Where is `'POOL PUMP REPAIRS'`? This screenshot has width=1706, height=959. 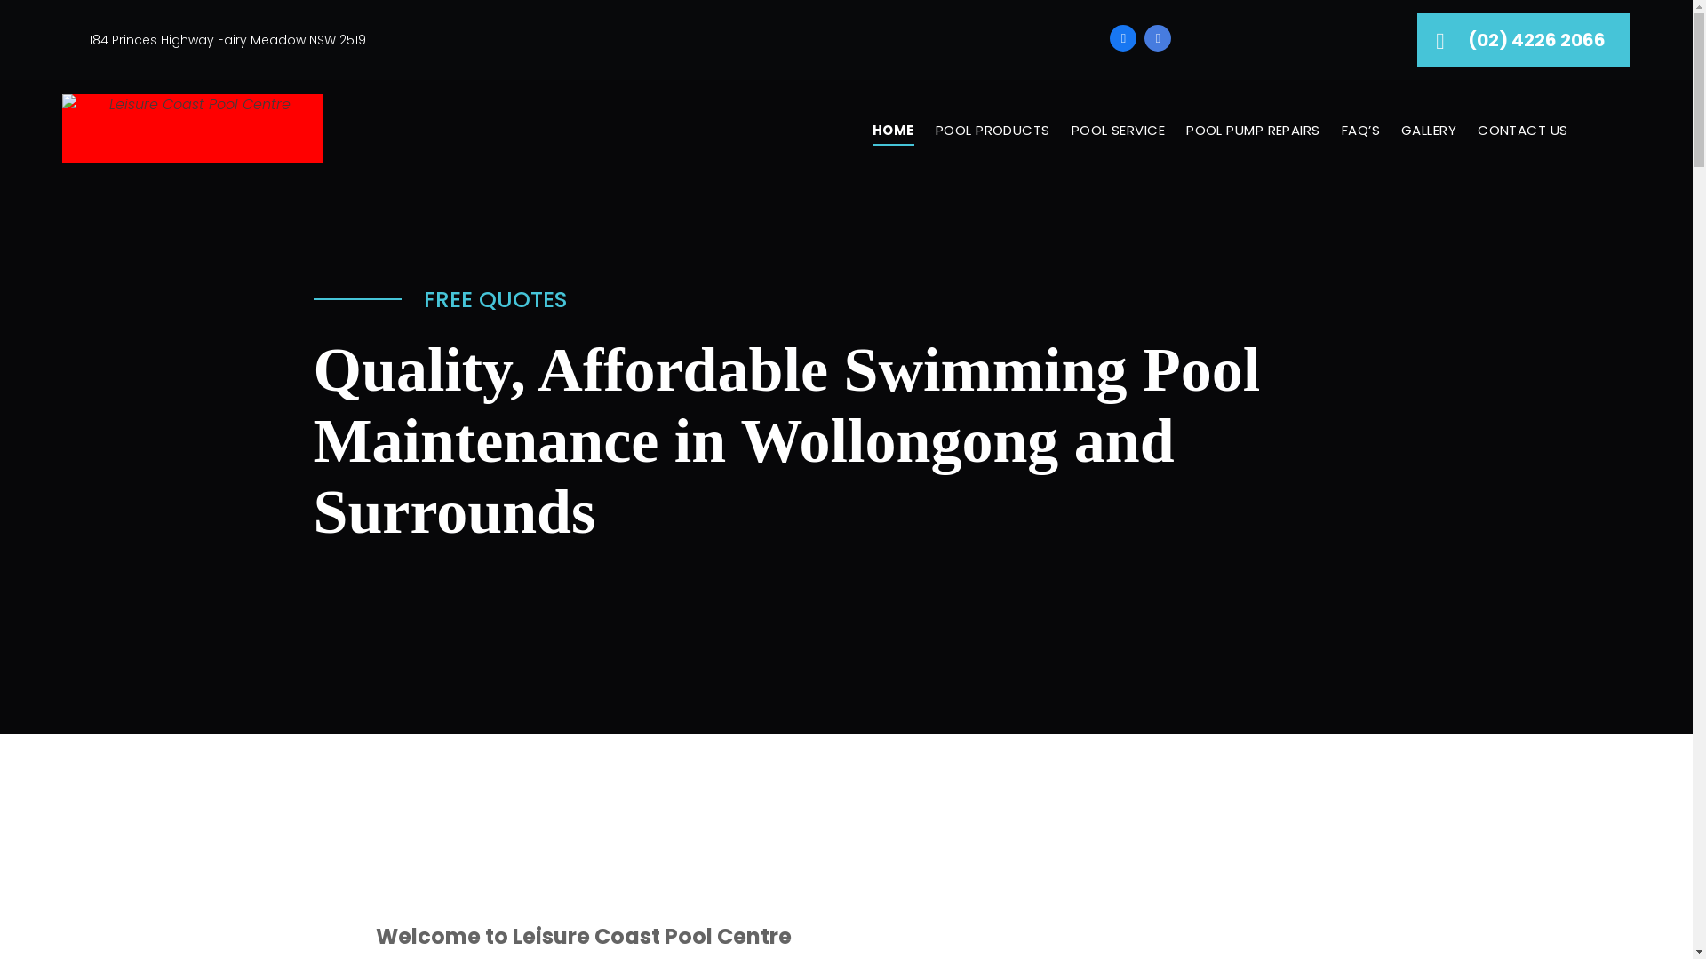 'POOL PUMP REPAIRS' is located at coordinates (1252, 130).